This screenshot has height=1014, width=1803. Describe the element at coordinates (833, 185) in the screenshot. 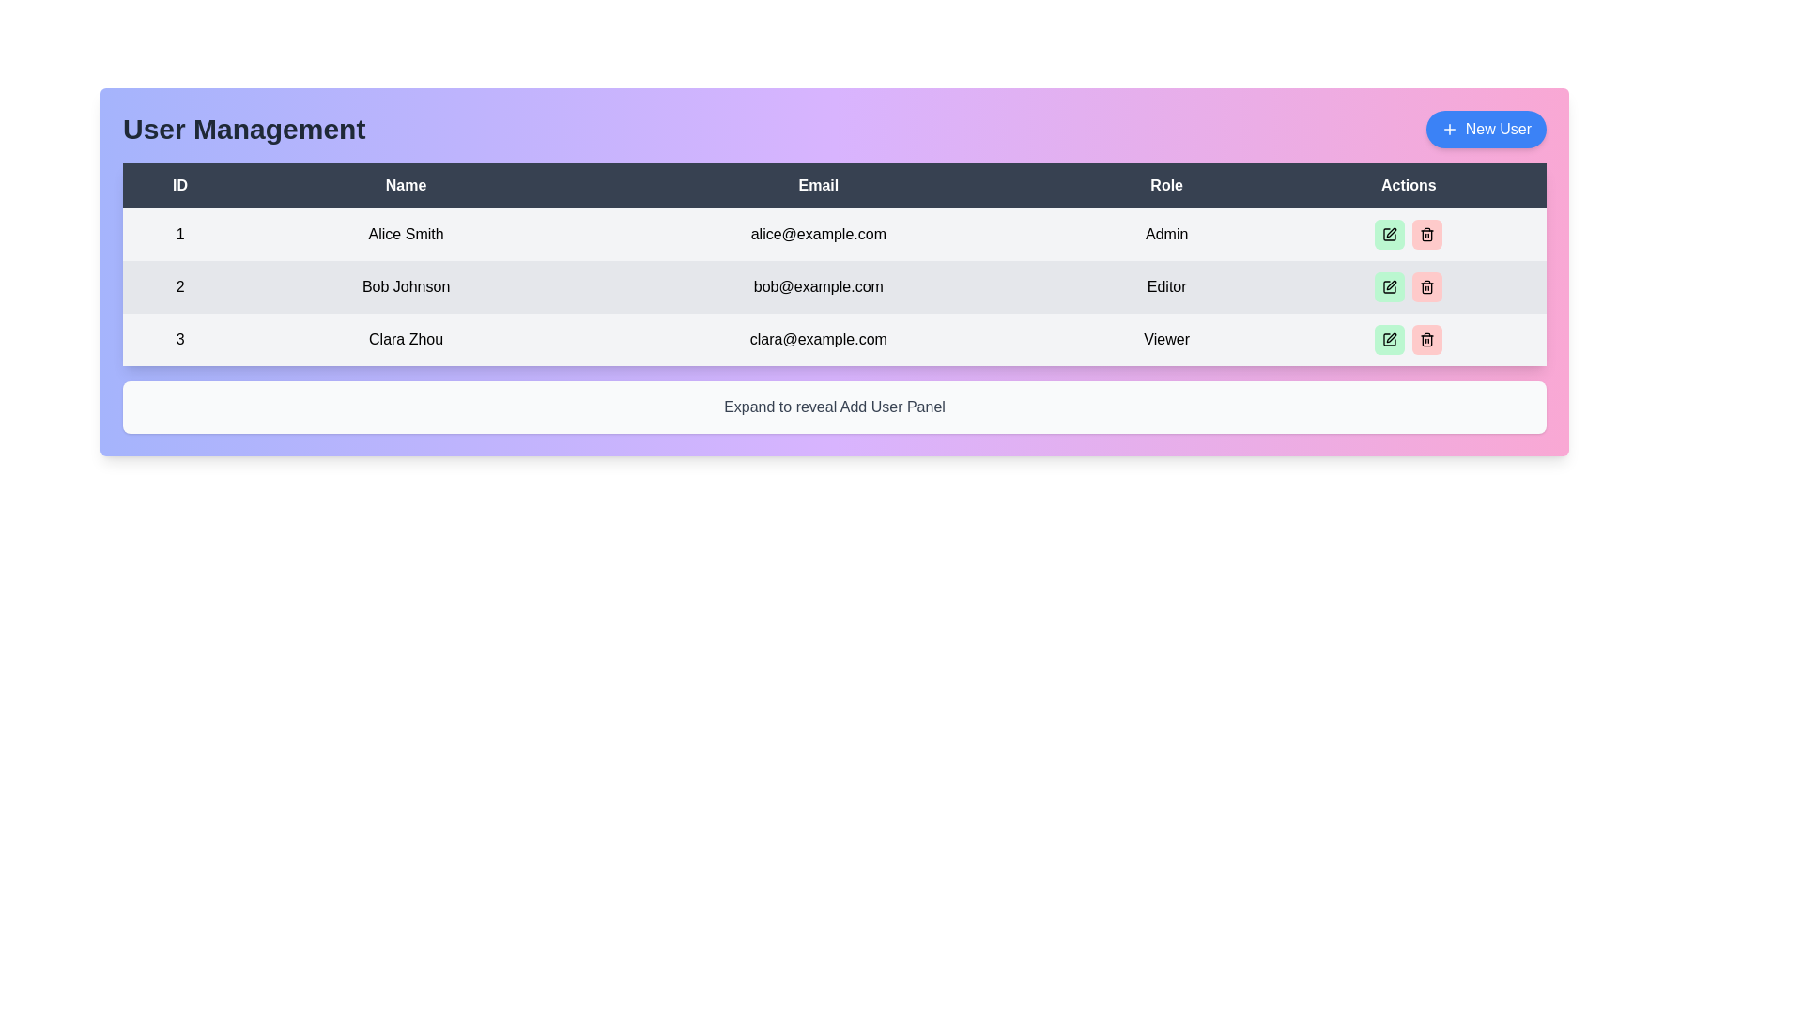

I see `the 'Email' column header cell in the user management table, which is the third header cell from the left` at that location.